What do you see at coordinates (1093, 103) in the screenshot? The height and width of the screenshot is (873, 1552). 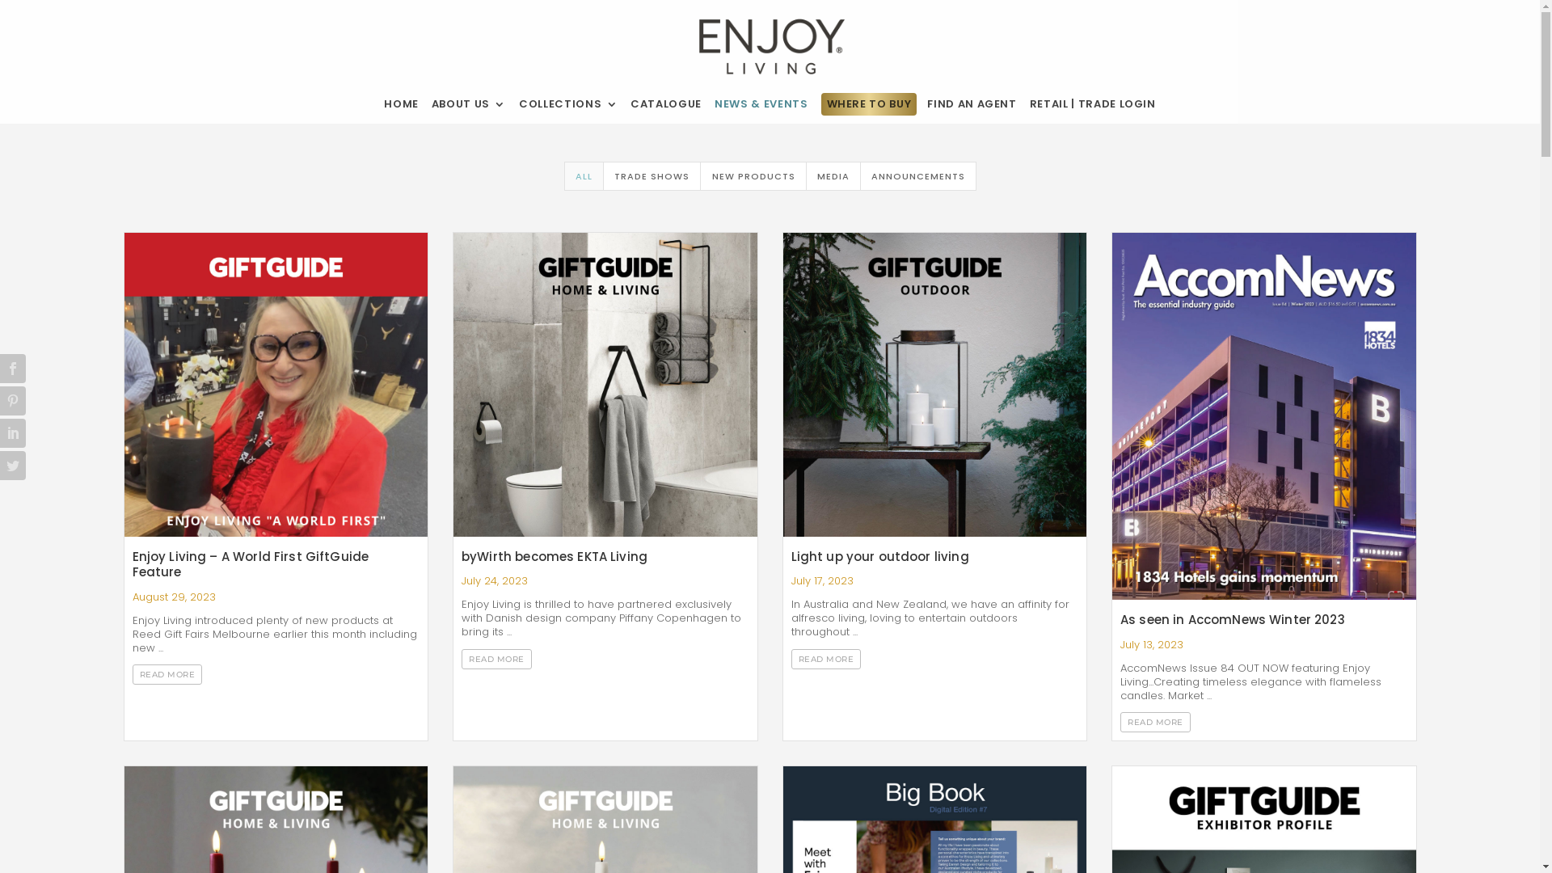 I see `'RETAIL | TRADE LOGIN'` at bounding box center [1093, 103].